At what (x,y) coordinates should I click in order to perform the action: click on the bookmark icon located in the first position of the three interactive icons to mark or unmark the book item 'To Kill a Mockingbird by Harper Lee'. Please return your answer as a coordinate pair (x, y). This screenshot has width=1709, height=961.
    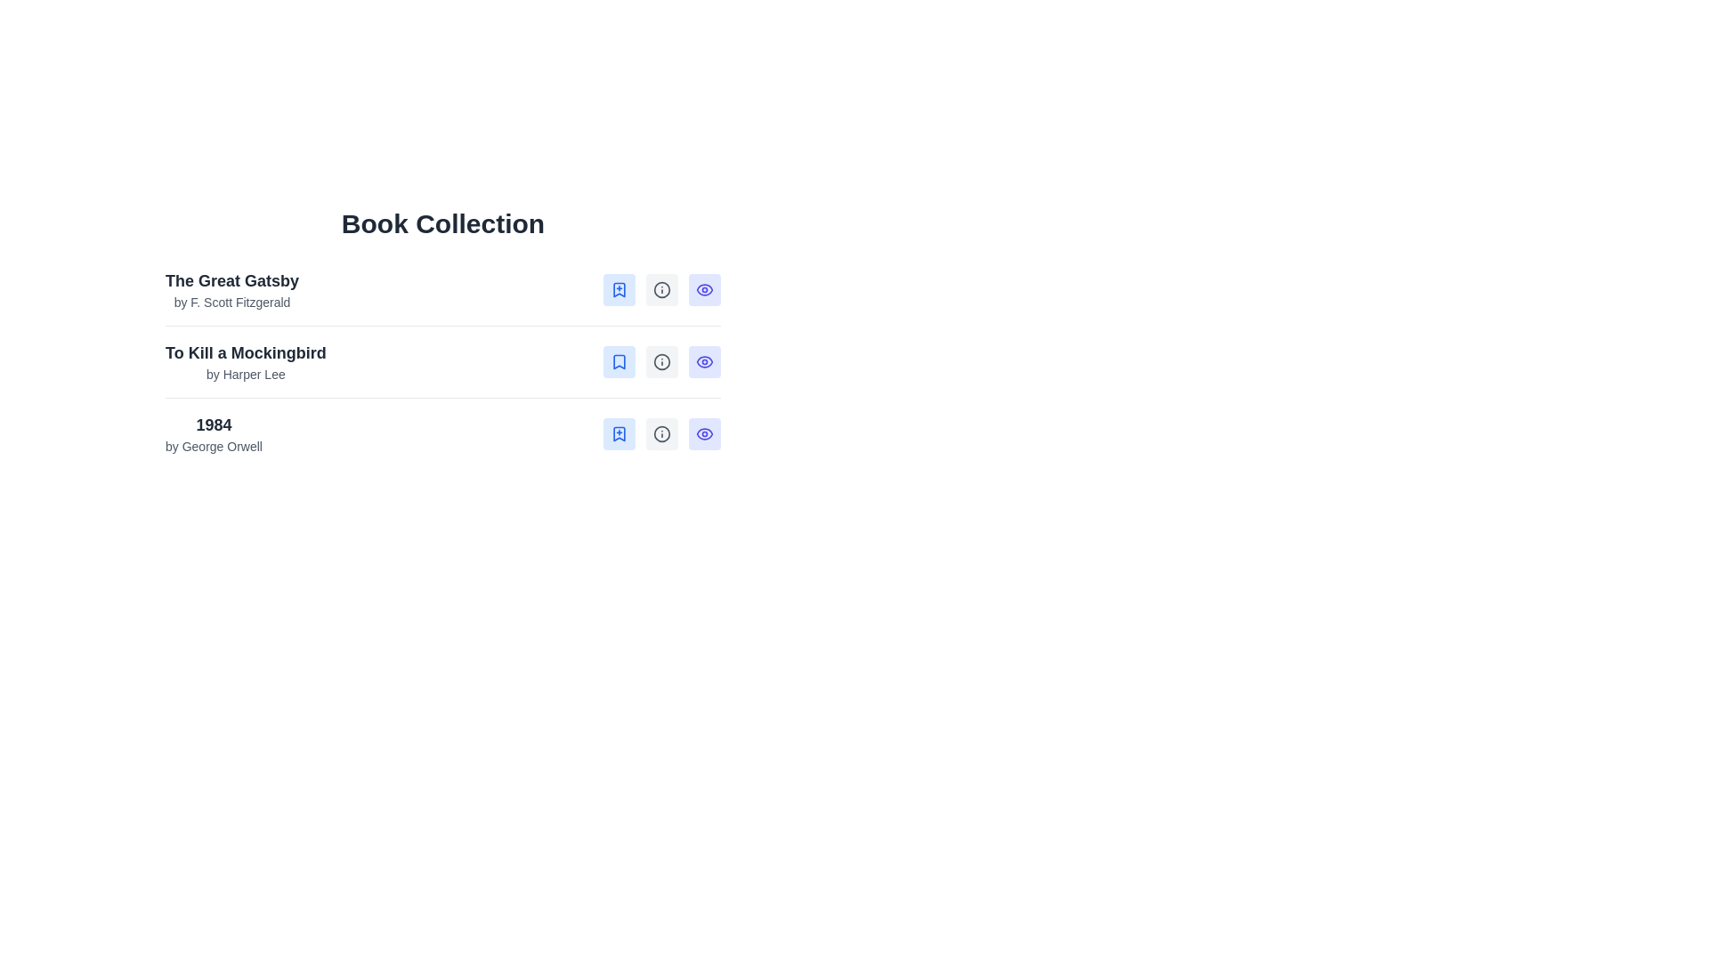
    Looking at the image, I should click on (620, 361).